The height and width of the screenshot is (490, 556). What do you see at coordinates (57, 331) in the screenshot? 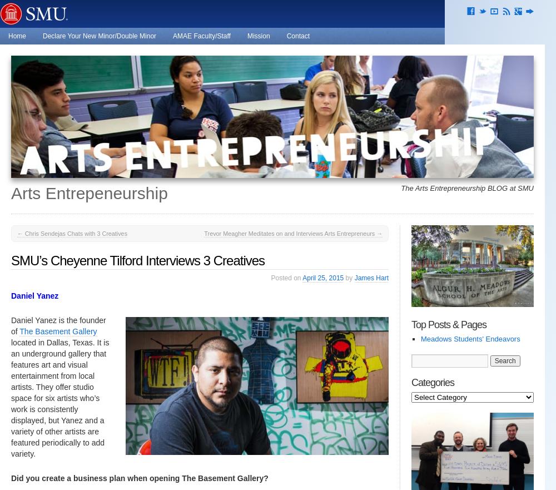
I see `'The Basement Gallery'` at bounding box center [57, 331].